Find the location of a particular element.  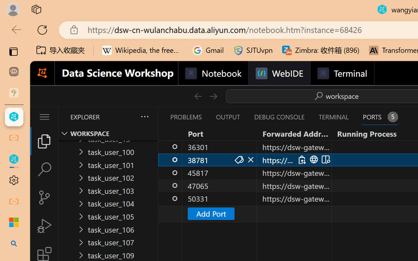

'Gmail' is located at coordinates (208, 50).